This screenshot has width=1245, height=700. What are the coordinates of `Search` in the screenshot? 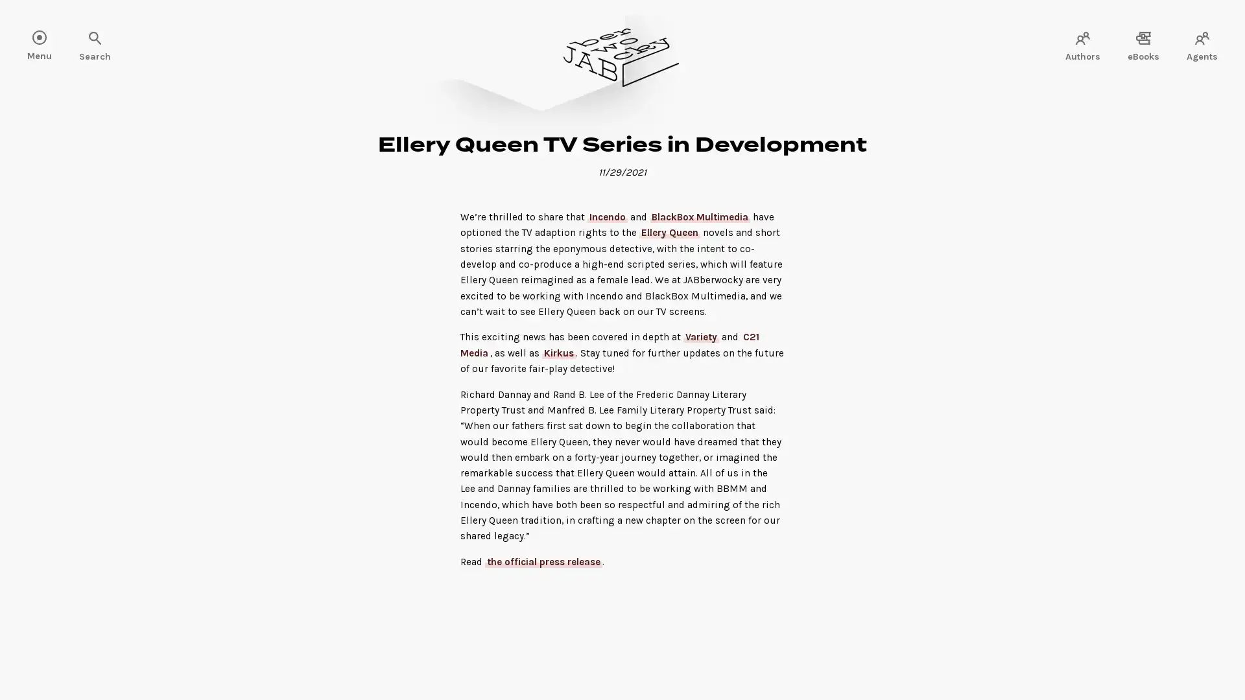 It's located at (52, 39).